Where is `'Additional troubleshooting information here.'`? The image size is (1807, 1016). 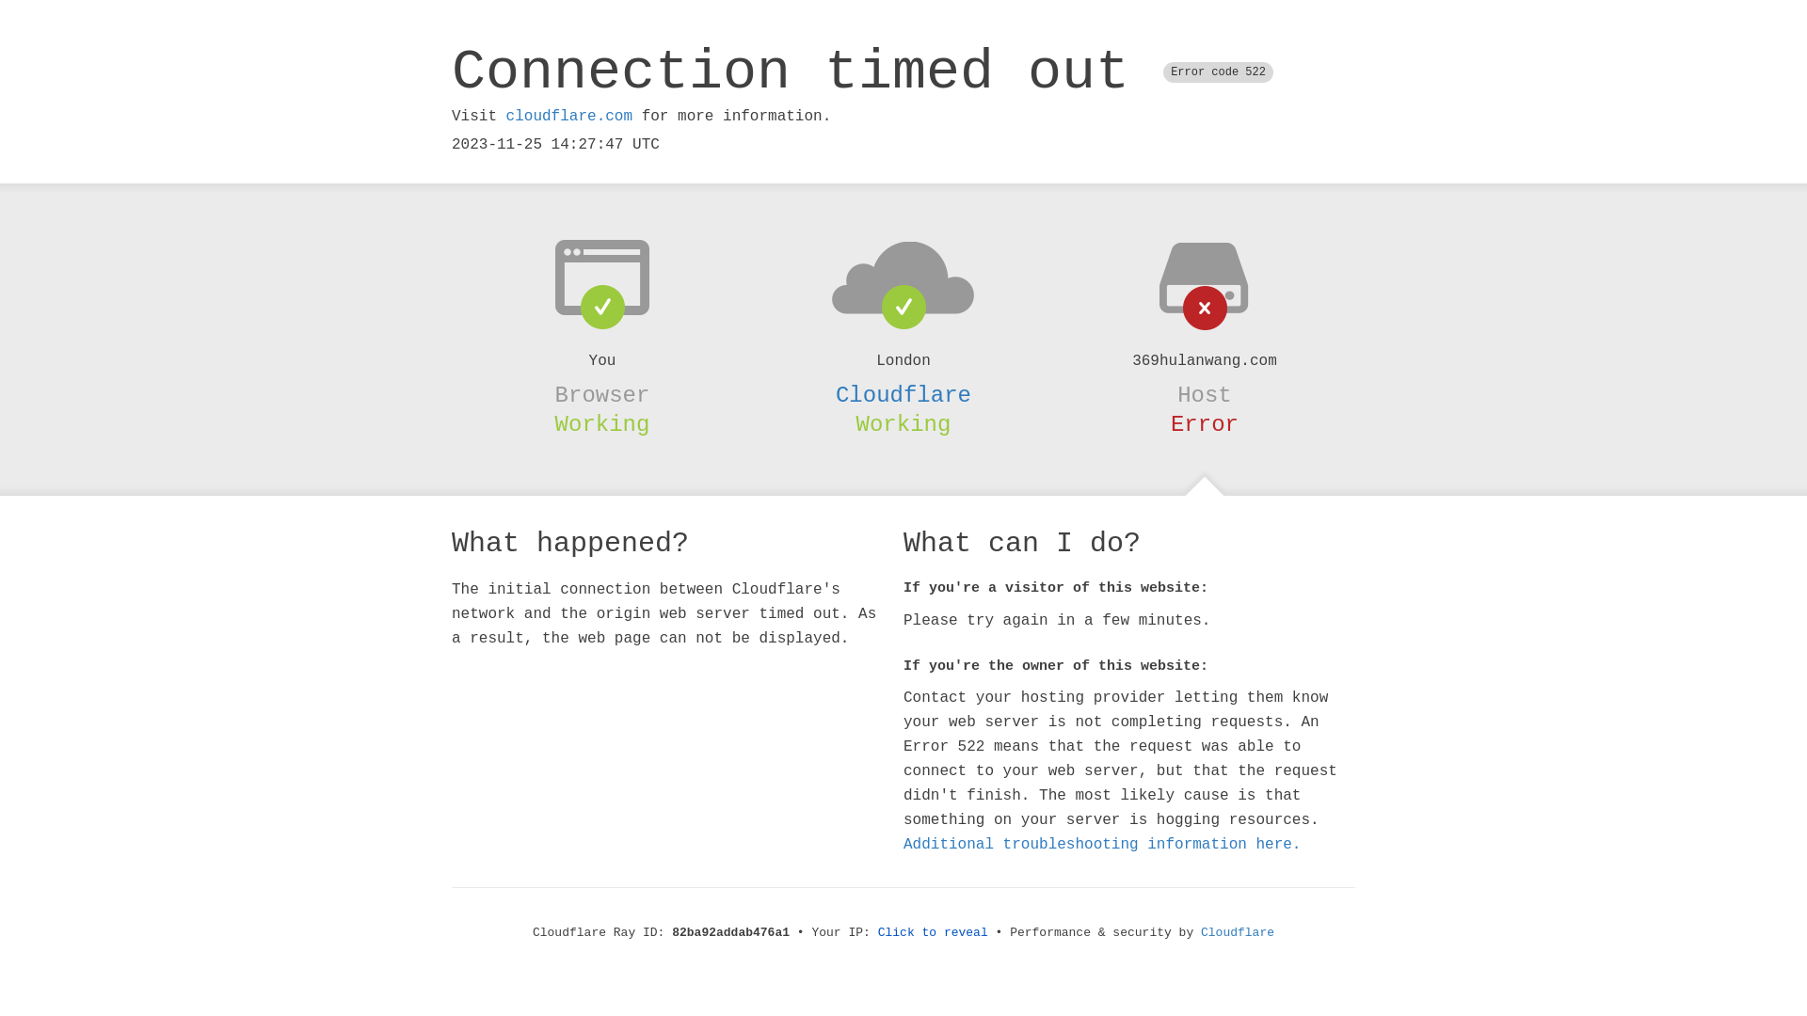 'Additional troubleshooting information here.' is located at coordinates (1102, 844).